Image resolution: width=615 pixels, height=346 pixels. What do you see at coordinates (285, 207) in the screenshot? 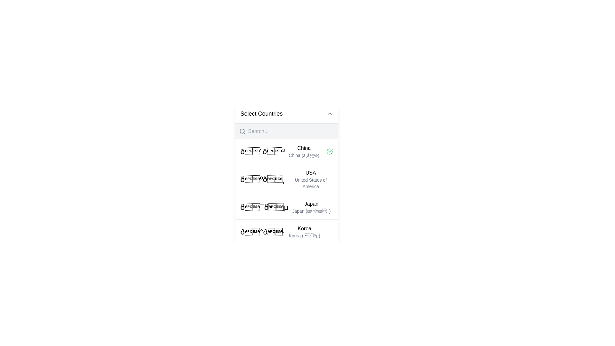
I see `the List Item representing 'Japan', which consists of an emoji flag and the text 'Japan' in English and Japanese characters` at bounding box center [285, 207].